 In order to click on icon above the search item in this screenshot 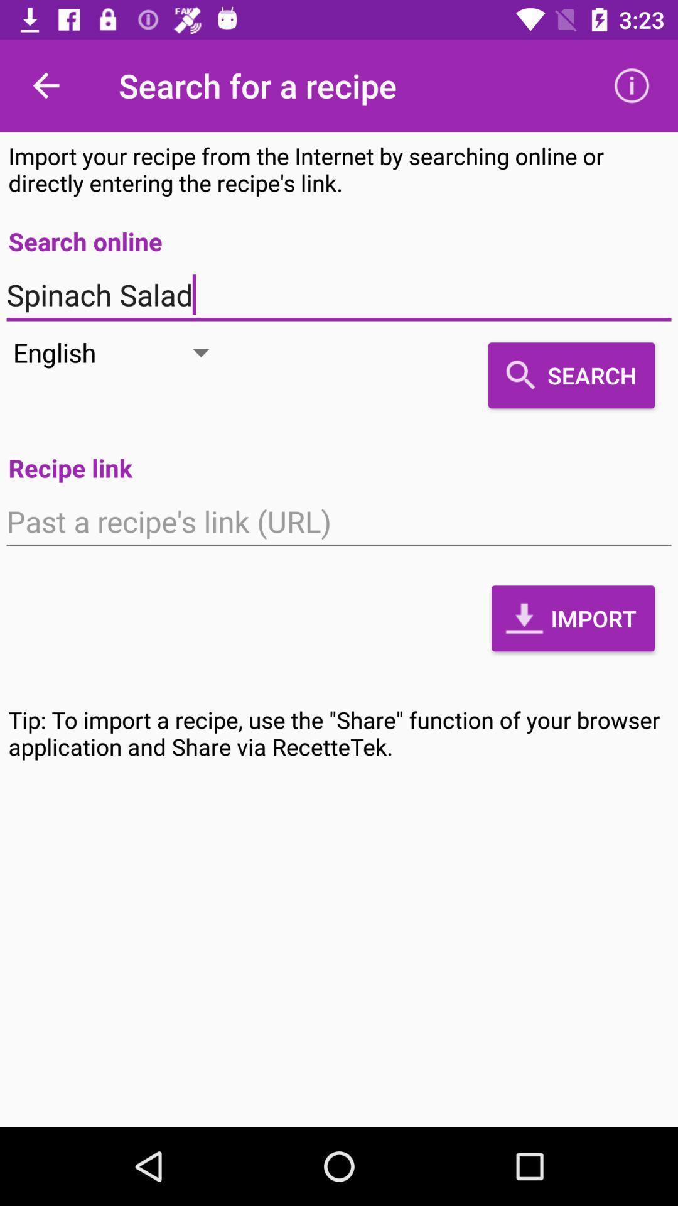, I will do `click(339, 295)`.